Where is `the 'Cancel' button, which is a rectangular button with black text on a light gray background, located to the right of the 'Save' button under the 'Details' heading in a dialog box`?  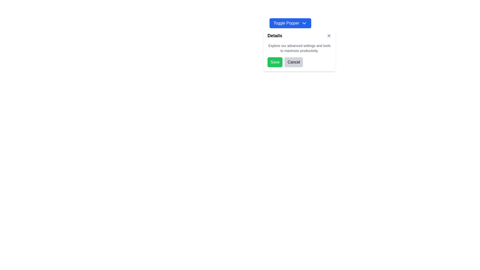
the 'Cancel' button, which is a rectangular button with black text on a light gray background, located to the right of the 'Save' button under the 'Details' heading in a dialog box is located at coordinates (294, 62).